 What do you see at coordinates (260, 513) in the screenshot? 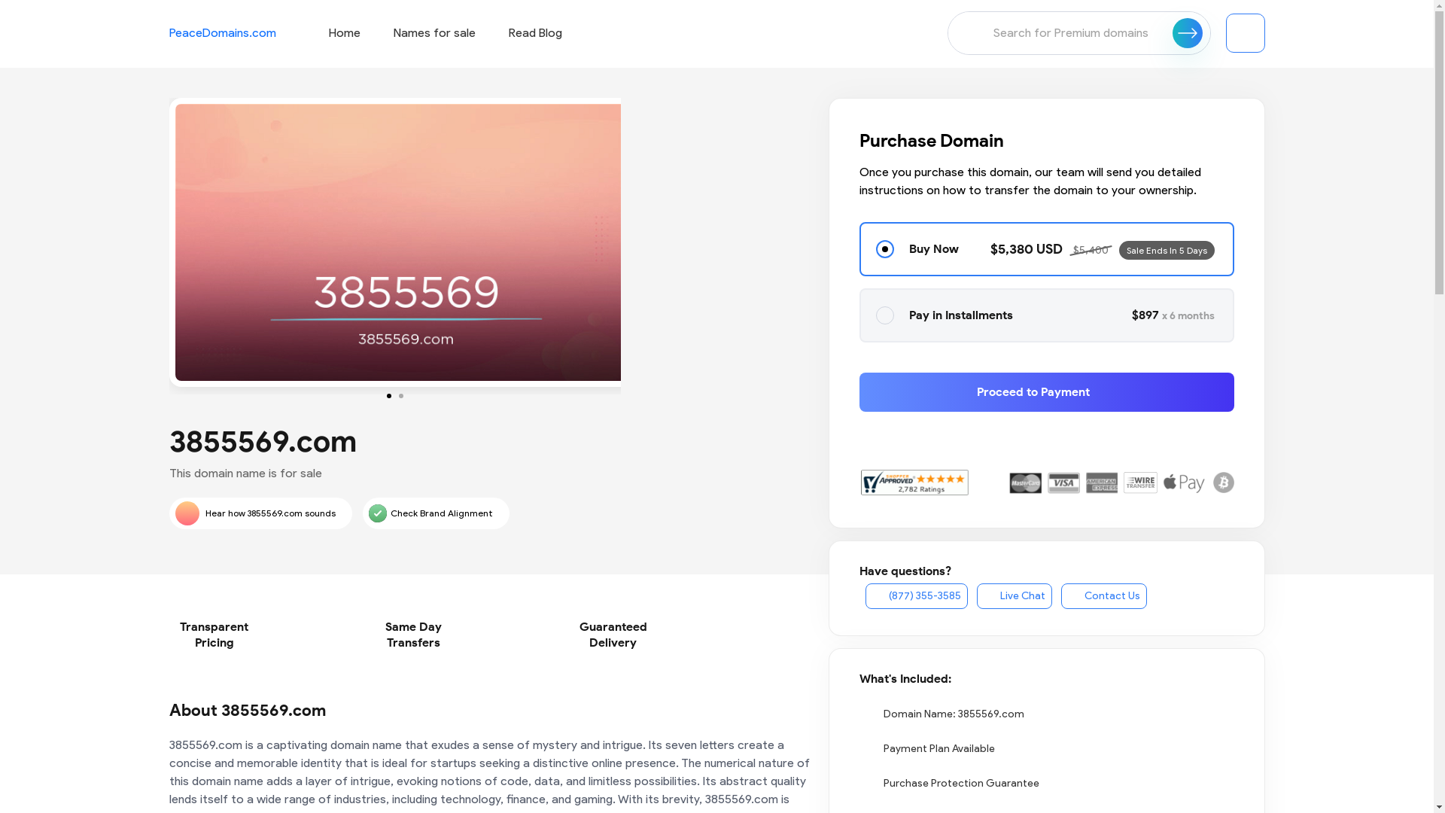
I see `'Hear how 3855569.com sounds'` at bounding box center [260, 513].